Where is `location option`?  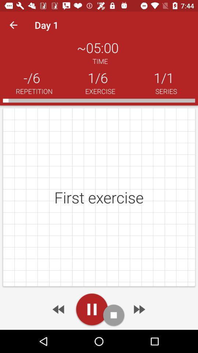 location option is located at coordinates (92, 309).